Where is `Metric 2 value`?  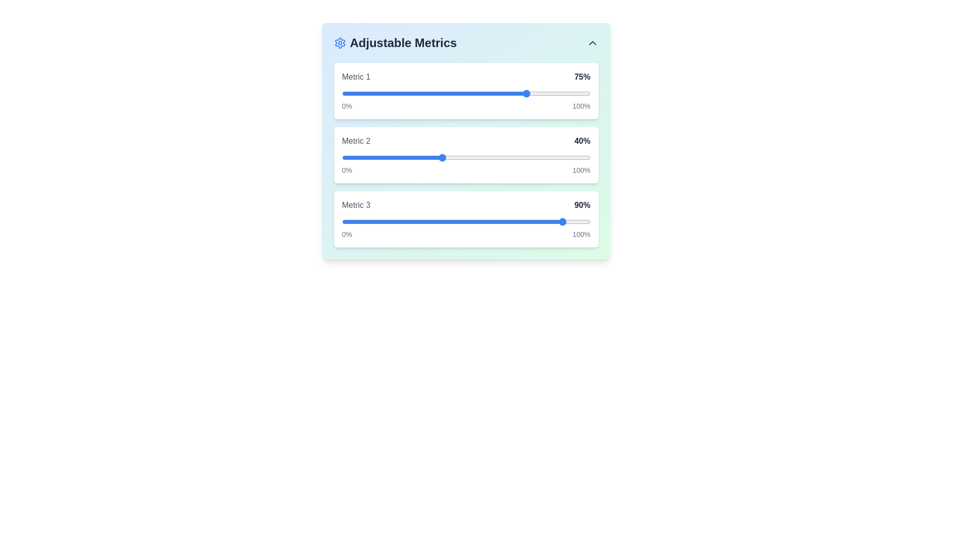 Metric 2 value is located at coordinates (438, 158).